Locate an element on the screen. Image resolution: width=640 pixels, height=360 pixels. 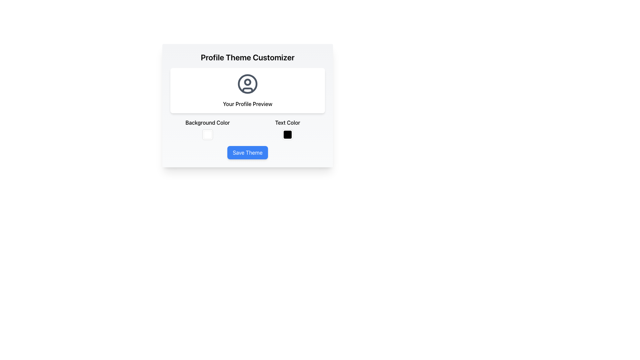
the save theme button located in the lower part of the interface, centered horizontally is located at coordinates (247, 153).